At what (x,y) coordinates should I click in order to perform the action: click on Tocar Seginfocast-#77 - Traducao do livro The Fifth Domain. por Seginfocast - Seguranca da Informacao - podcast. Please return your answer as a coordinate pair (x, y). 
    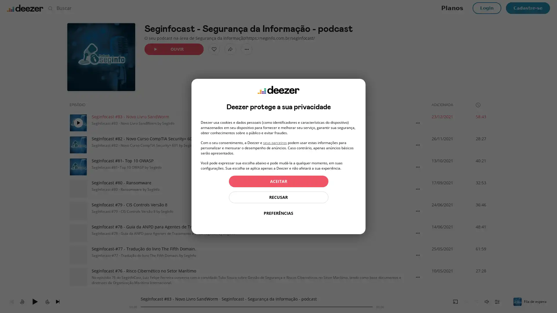
    Looking at the image, I should click on (78, 254).